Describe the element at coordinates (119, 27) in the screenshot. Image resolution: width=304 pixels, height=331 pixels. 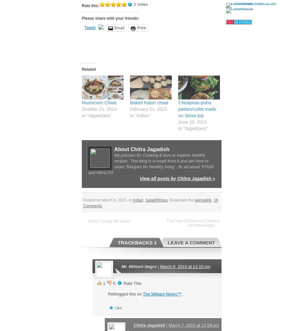
I see `'Email'` at that location.